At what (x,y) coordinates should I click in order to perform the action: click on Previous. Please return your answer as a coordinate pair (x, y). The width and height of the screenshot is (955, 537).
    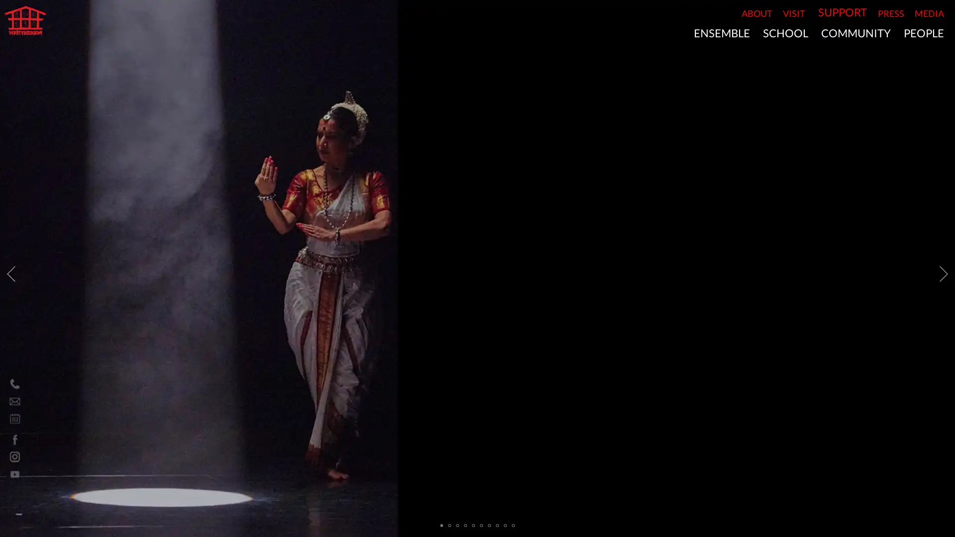
    Looking at the image, I should click on (14, 273).